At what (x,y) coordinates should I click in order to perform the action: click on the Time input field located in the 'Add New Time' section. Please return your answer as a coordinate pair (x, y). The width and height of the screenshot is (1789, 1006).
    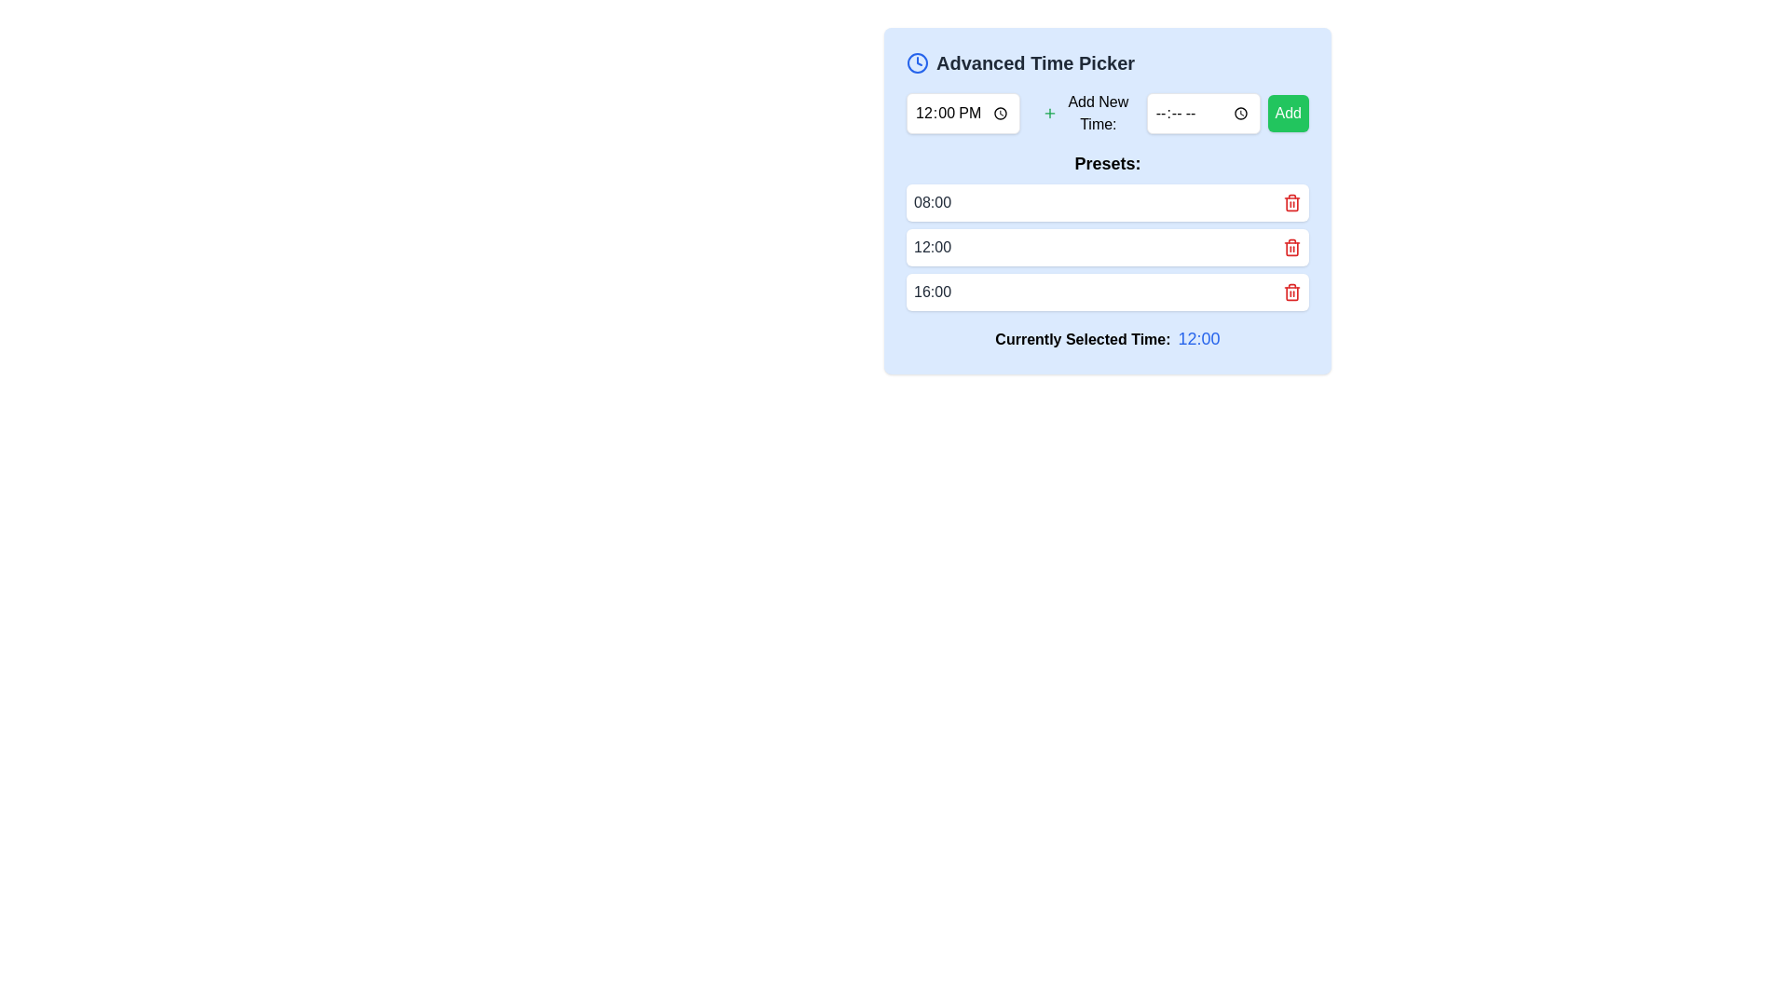
    Looking at the image, I should click on (1203, 114).